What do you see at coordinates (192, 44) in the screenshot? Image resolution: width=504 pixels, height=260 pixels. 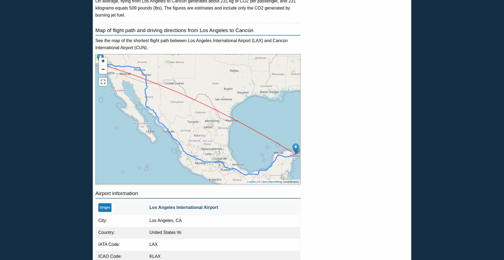 I see `'See the map of the shortest flight path between Los Angeles International Airport (LAX) and Cancún International Airport (CUN).'` at bounding box center [192, 44].